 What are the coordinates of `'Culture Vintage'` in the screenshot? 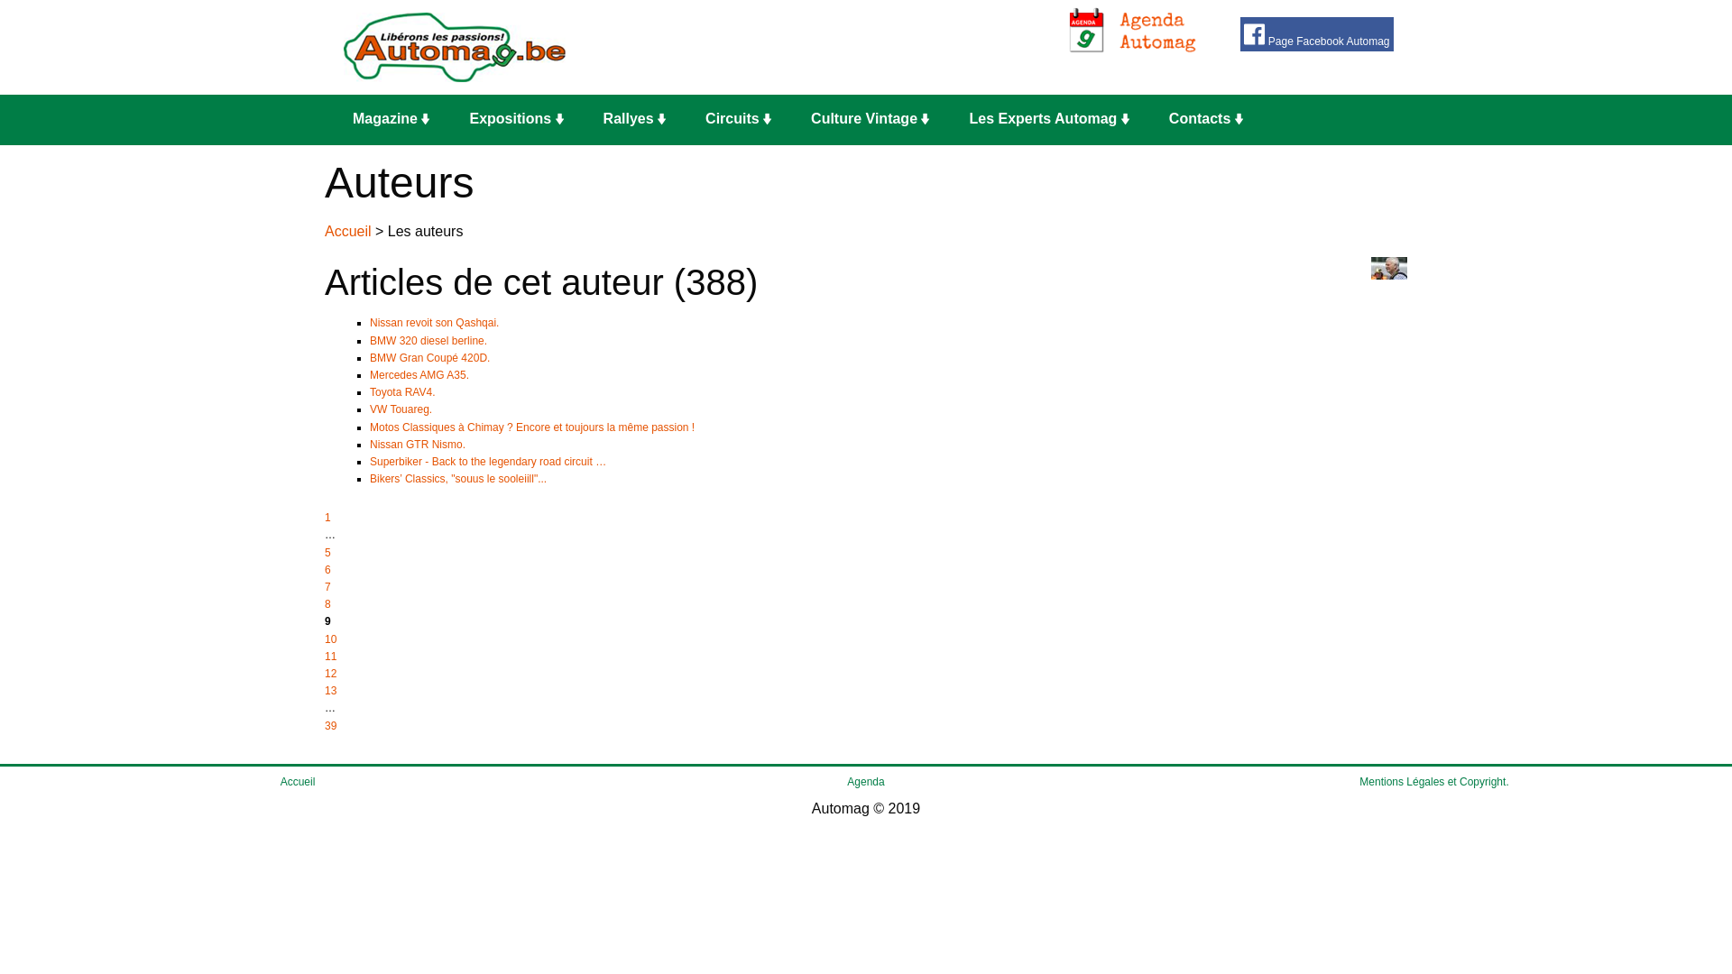 It's located at (875, 119).